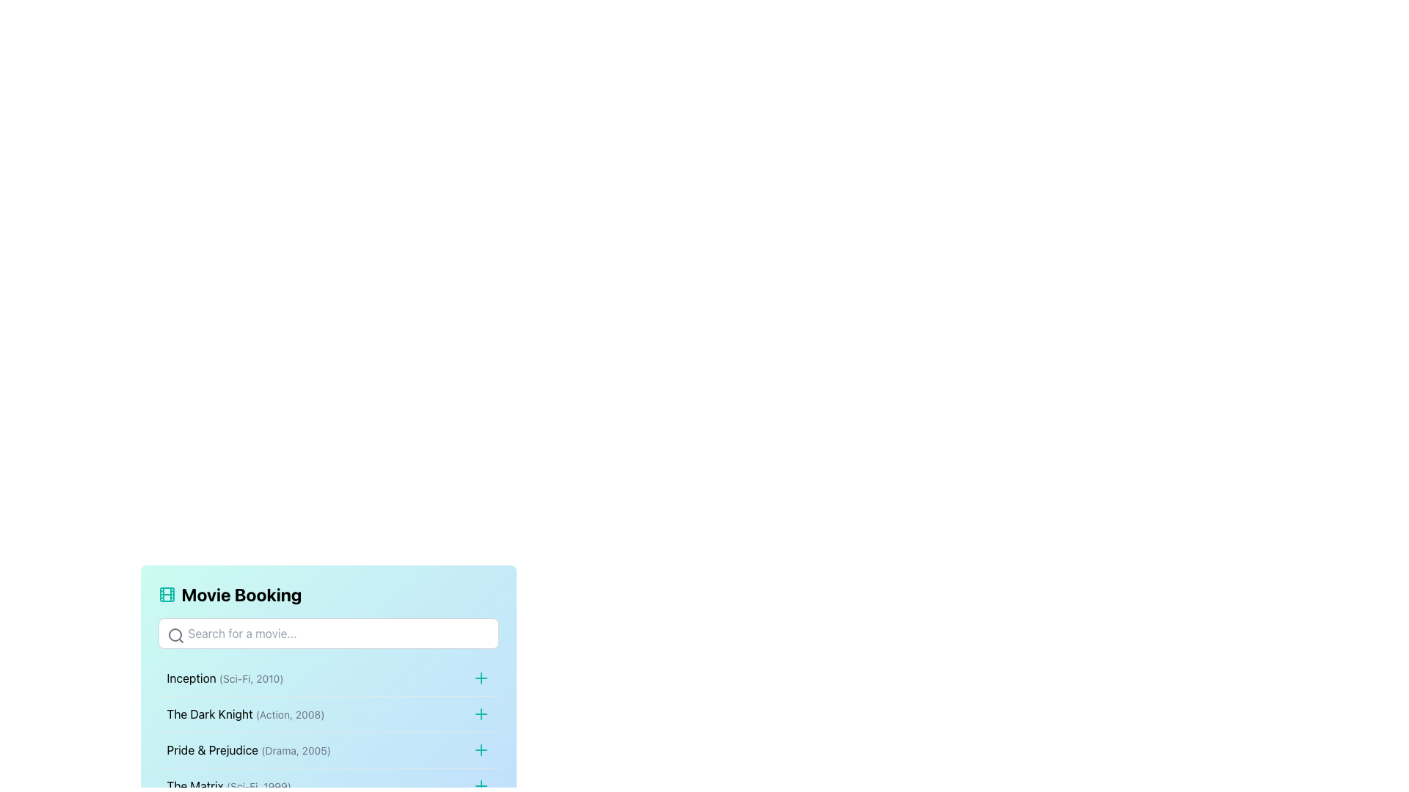 This screenshot has width=1409, height=792. Describe the element at coordinates (251, 678) in the screenshot. I see `the static informational Text Label that provides genre and year information for the movie 'Inception', located next to the movie title in the 'Movie Booking' section` at that location.